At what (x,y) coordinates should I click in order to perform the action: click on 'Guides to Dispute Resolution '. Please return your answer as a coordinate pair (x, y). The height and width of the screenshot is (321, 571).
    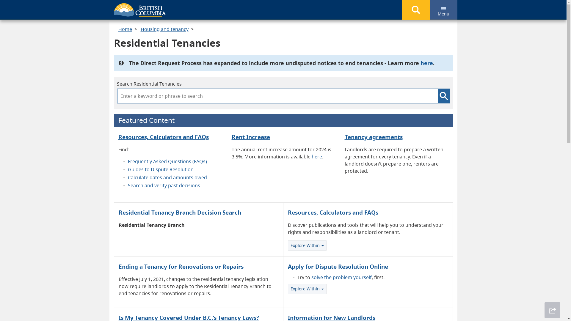
    Looking at the image, I should click on (161, 169).